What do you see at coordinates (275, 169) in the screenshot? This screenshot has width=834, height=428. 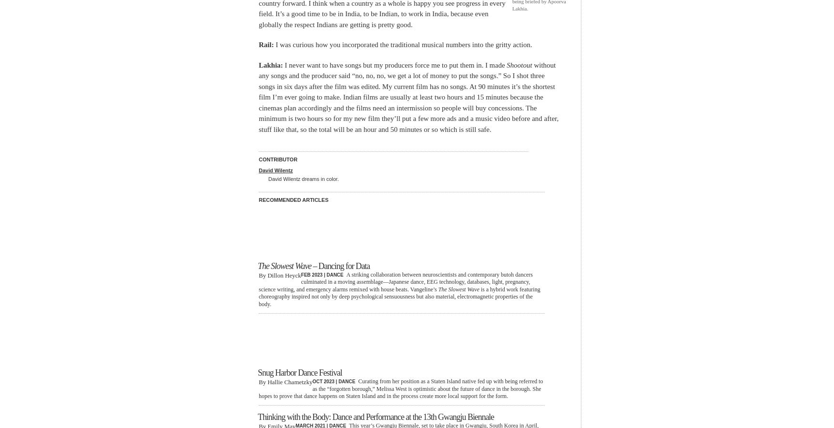 I see `'David Wilentz'` at bounding box center [275, 169].